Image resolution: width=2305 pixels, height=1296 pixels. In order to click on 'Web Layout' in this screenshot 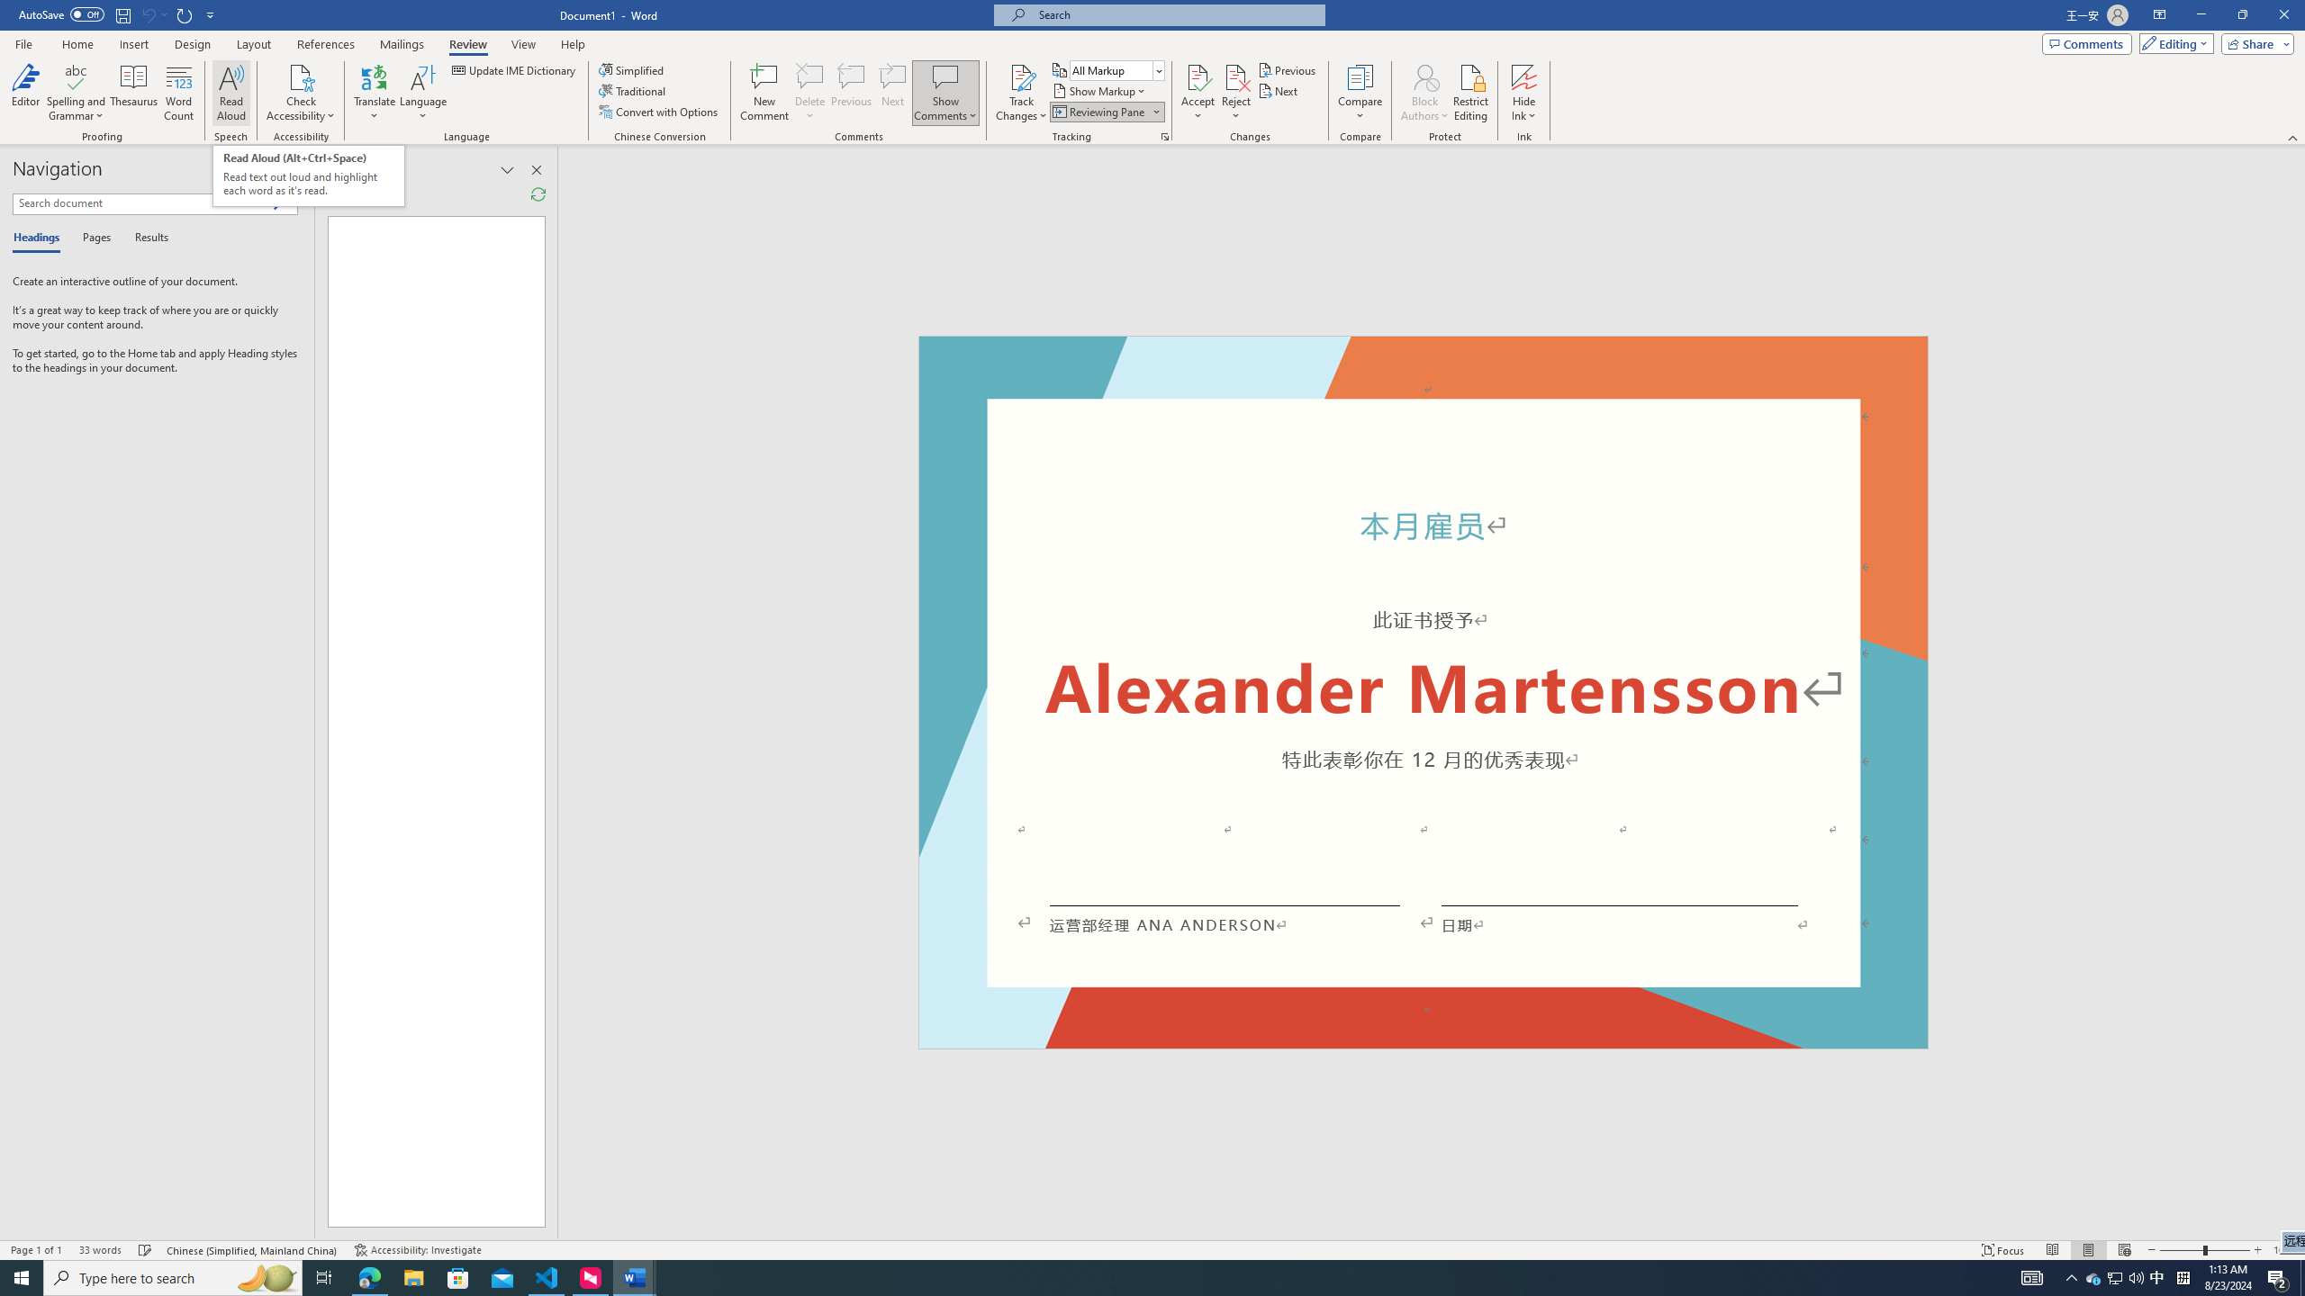, I will do `click(2125, 1250)`.